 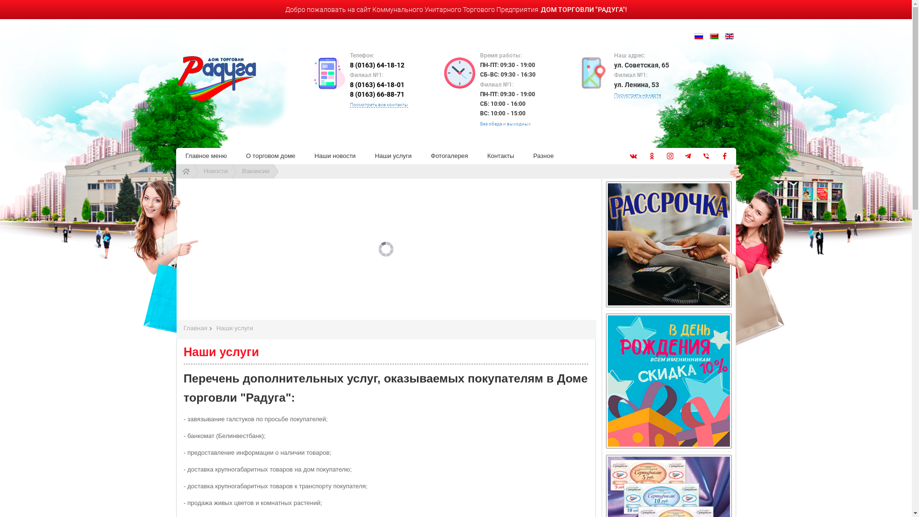 What do you see at coordinates (376, 84) in the screenshot?
I see `'8 (0163) 64-18-01'` at bounding box center [376, 84].